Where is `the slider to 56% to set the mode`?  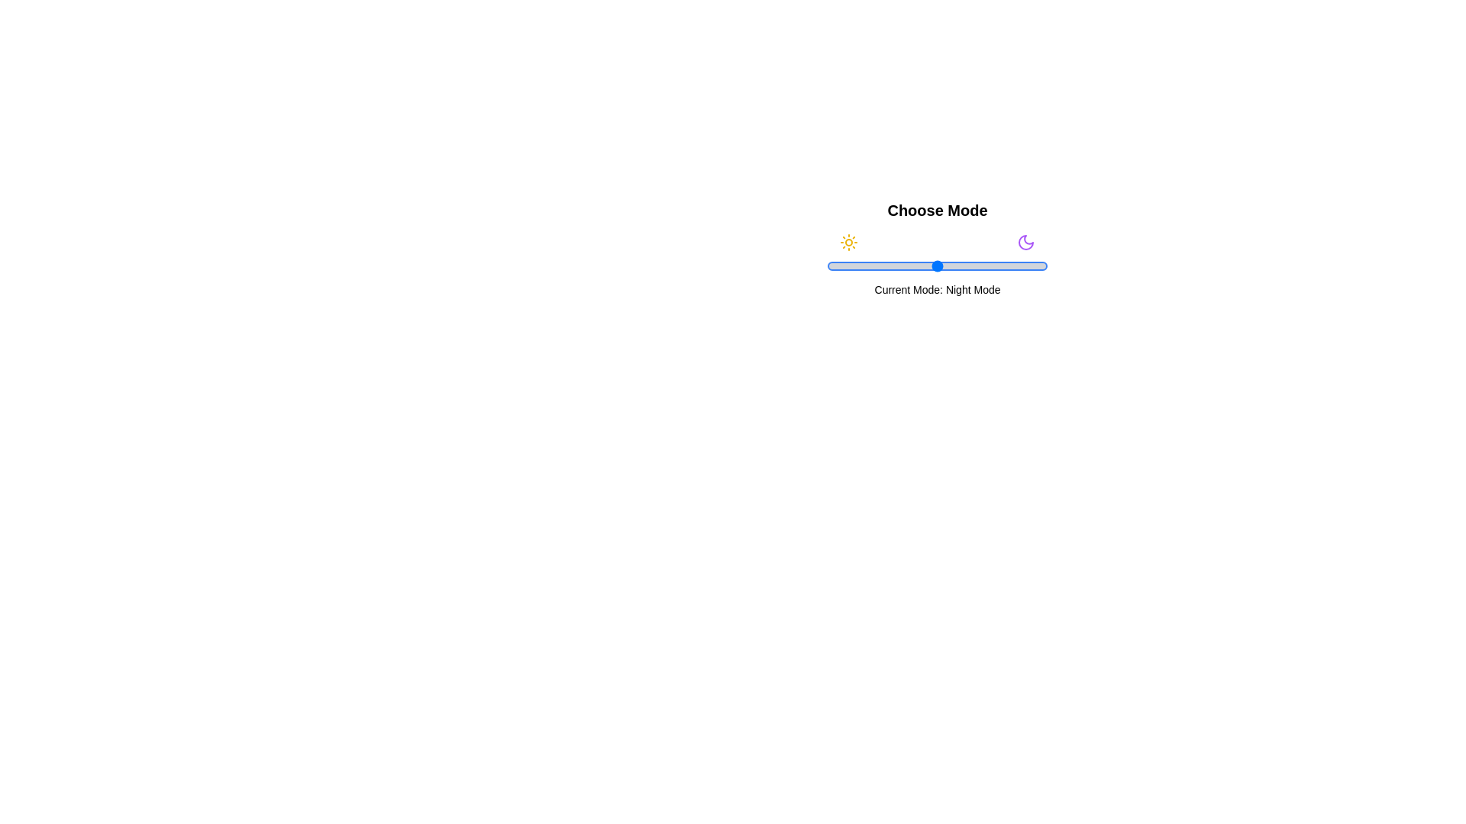 the slider to 56% to set the mode is located at coordinates (950, 265).